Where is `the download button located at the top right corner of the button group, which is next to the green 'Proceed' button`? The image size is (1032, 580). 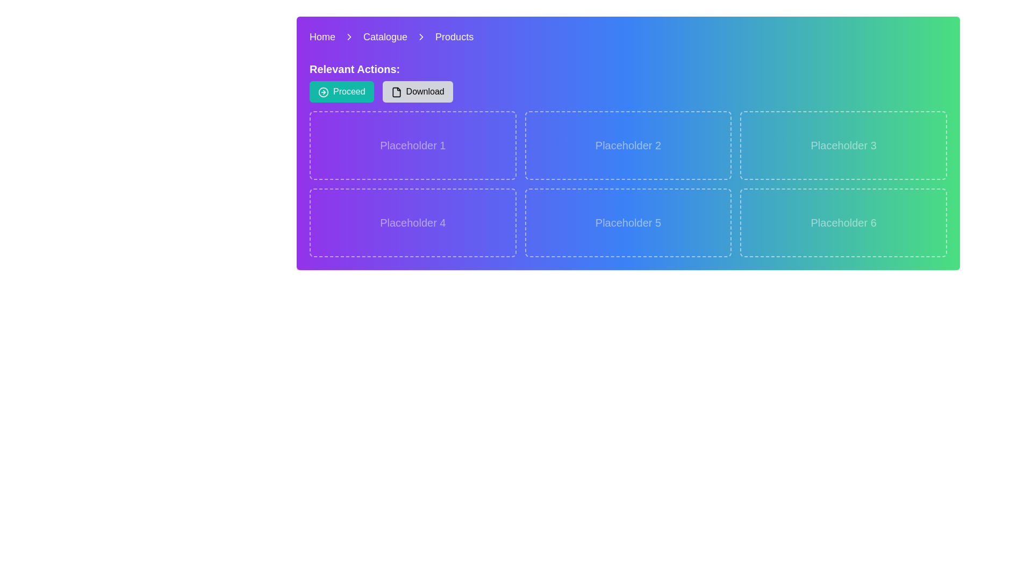
the download button located at the top right corner of the button group, which is next to the green 'Proceed' button is located at coordinates (417, 91).